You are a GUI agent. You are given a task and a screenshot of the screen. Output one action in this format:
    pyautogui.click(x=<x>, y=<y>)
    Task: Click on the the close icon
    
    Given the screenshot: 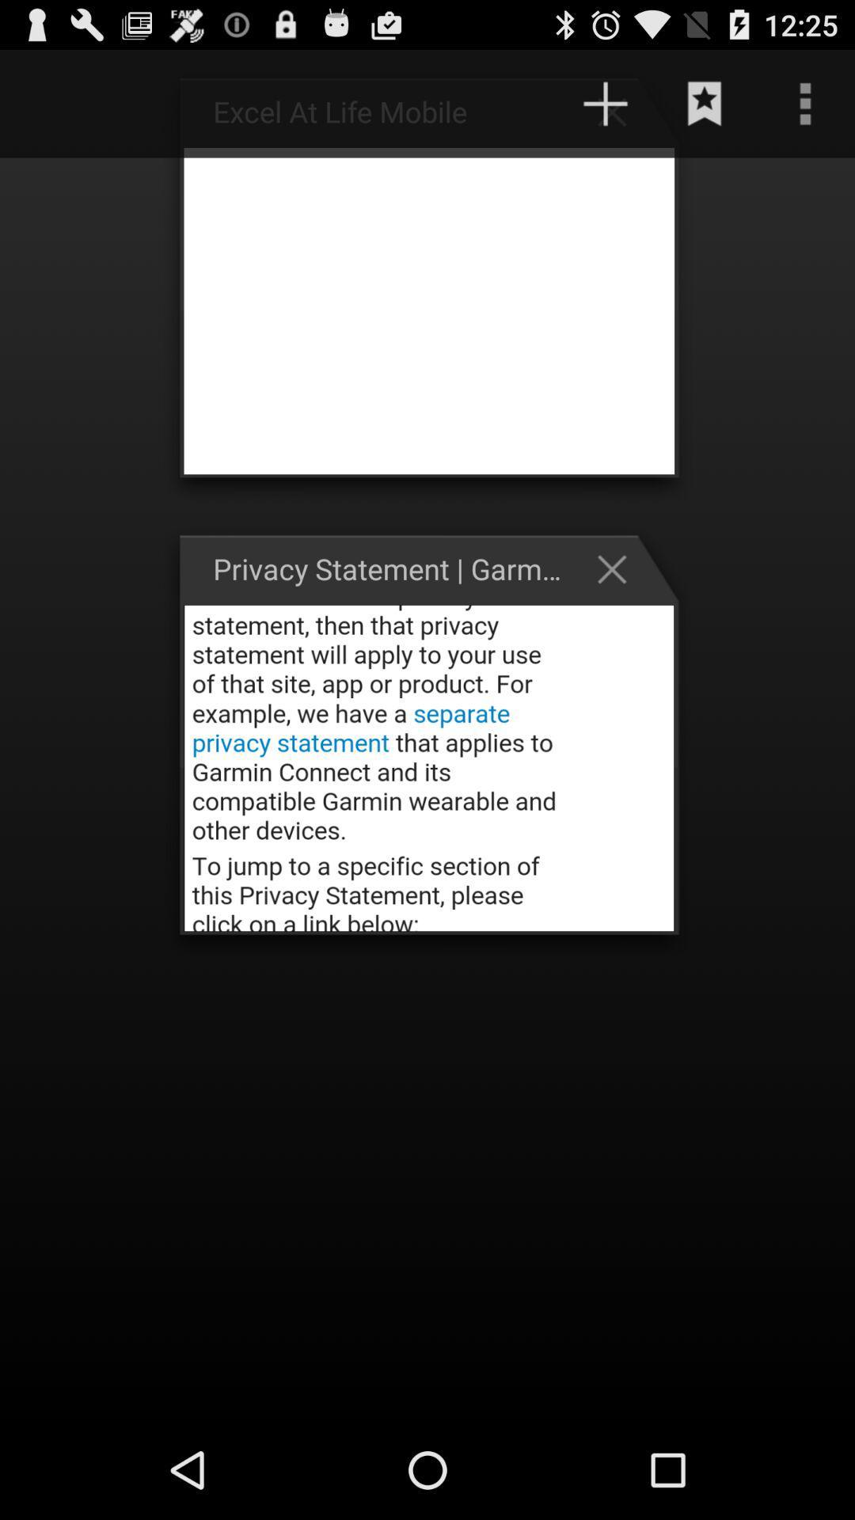 What is the action you would take?
    pyautogui.click(x=619, y=607)
    